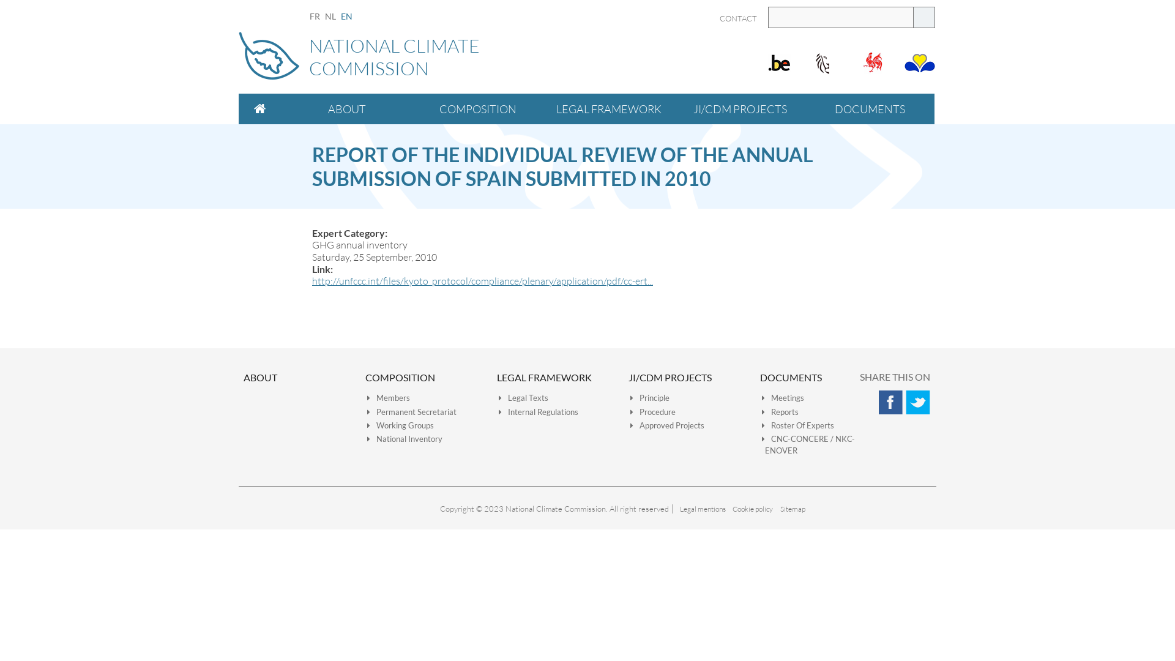 This screenshot has height=661, width=1175. I want to click on 'Internal Regulations', so click(538, 411).